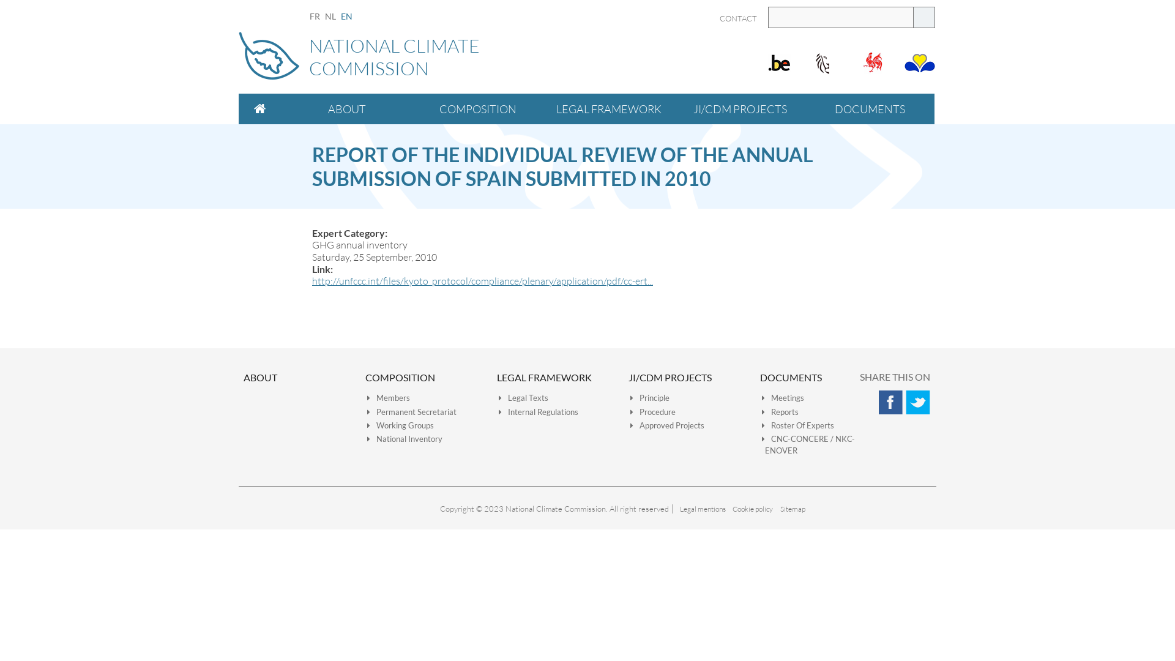 This screenshot has height=661, width=1175. I want to click on 'Internal Regulations', so click(538, 411).